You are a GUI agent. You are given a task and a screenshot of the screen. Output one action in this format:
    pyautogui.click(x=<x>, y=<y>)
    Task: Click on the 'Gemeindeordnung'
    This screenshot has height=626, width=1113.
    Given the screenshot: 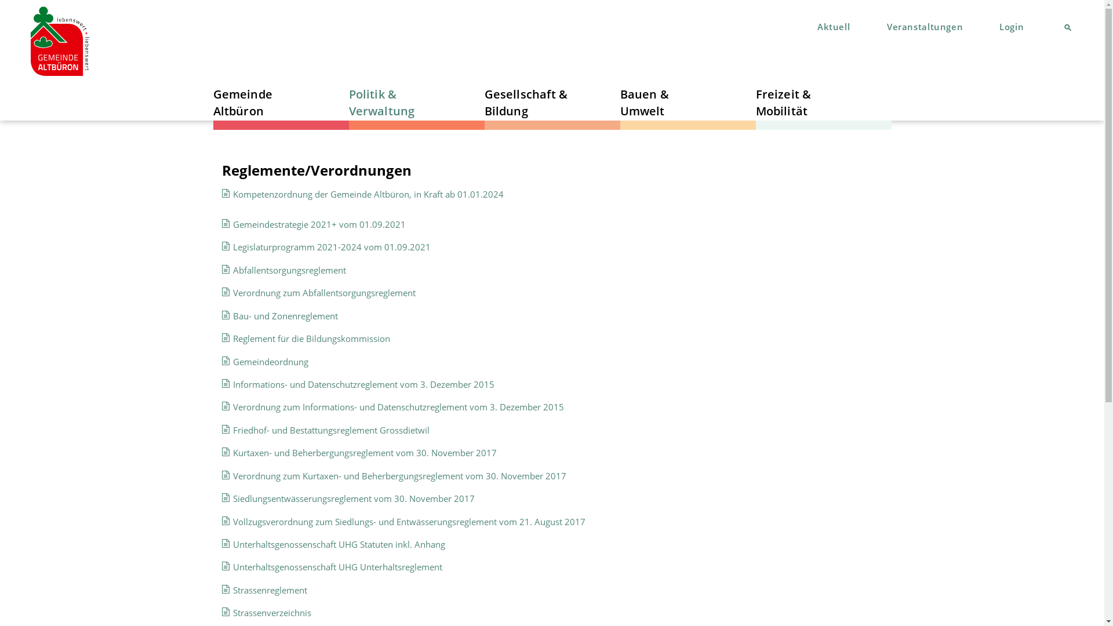 What is the action you would take?
    pyautogui.click(x=270, y=361)
    